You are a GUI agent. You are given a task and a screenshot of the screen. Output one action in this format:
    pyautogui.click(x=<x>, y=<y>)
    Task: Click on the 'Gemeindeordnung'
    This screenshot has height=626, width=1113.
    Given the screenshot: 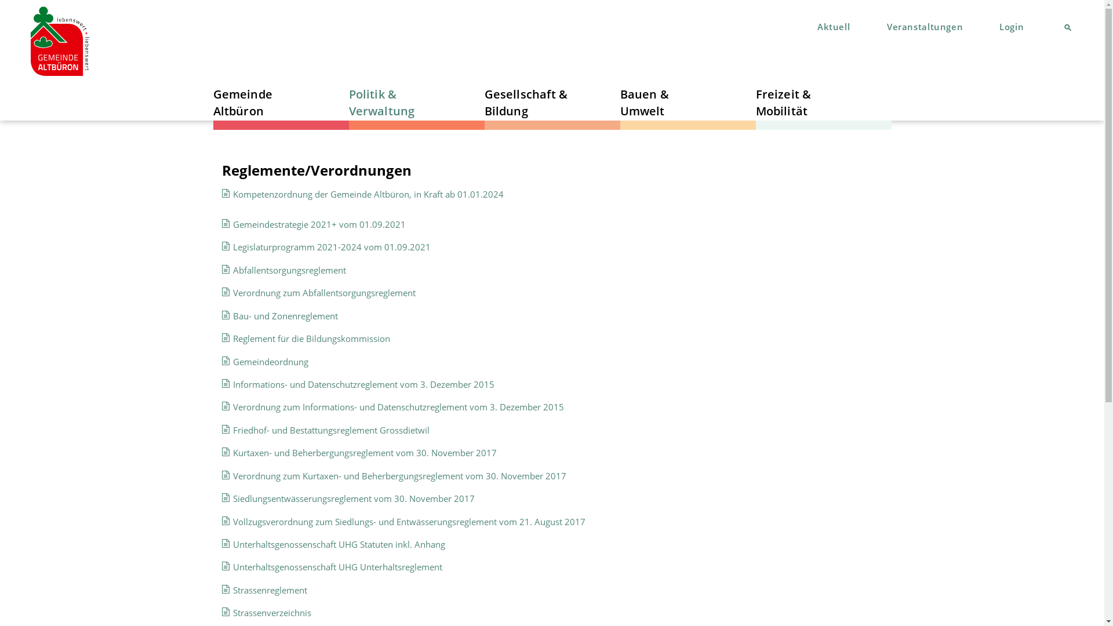 What is the action you would take?
    pyautogui.click(x=270, y=361)
    